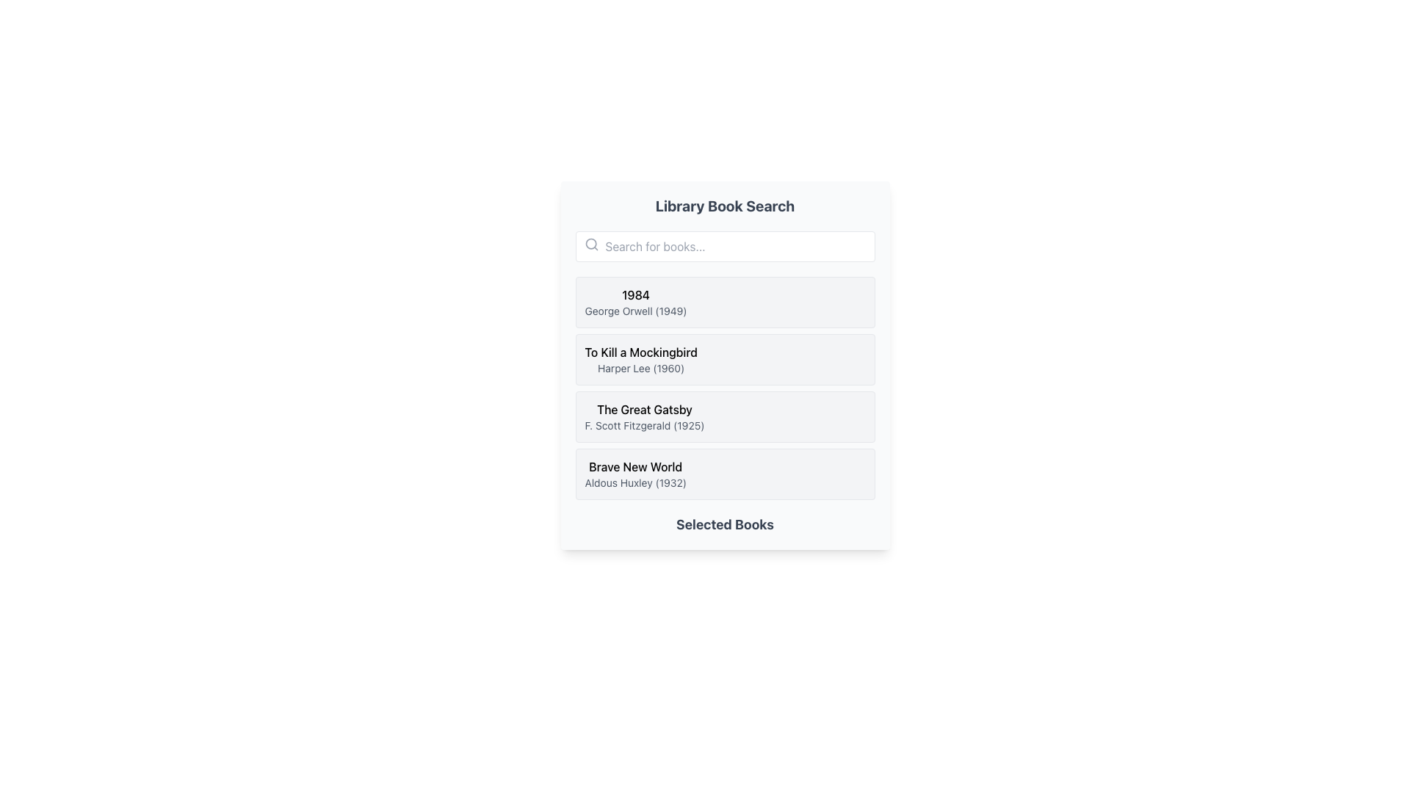 The width and height of the screenshot is (1410, 793). I want to click on the text label displaying 'To Kill a Mockingbird', which is the title of the book and is styled with medium font weight, positioned above the author name 'Harper Lee (1960)' within the list, so click(641, 352).